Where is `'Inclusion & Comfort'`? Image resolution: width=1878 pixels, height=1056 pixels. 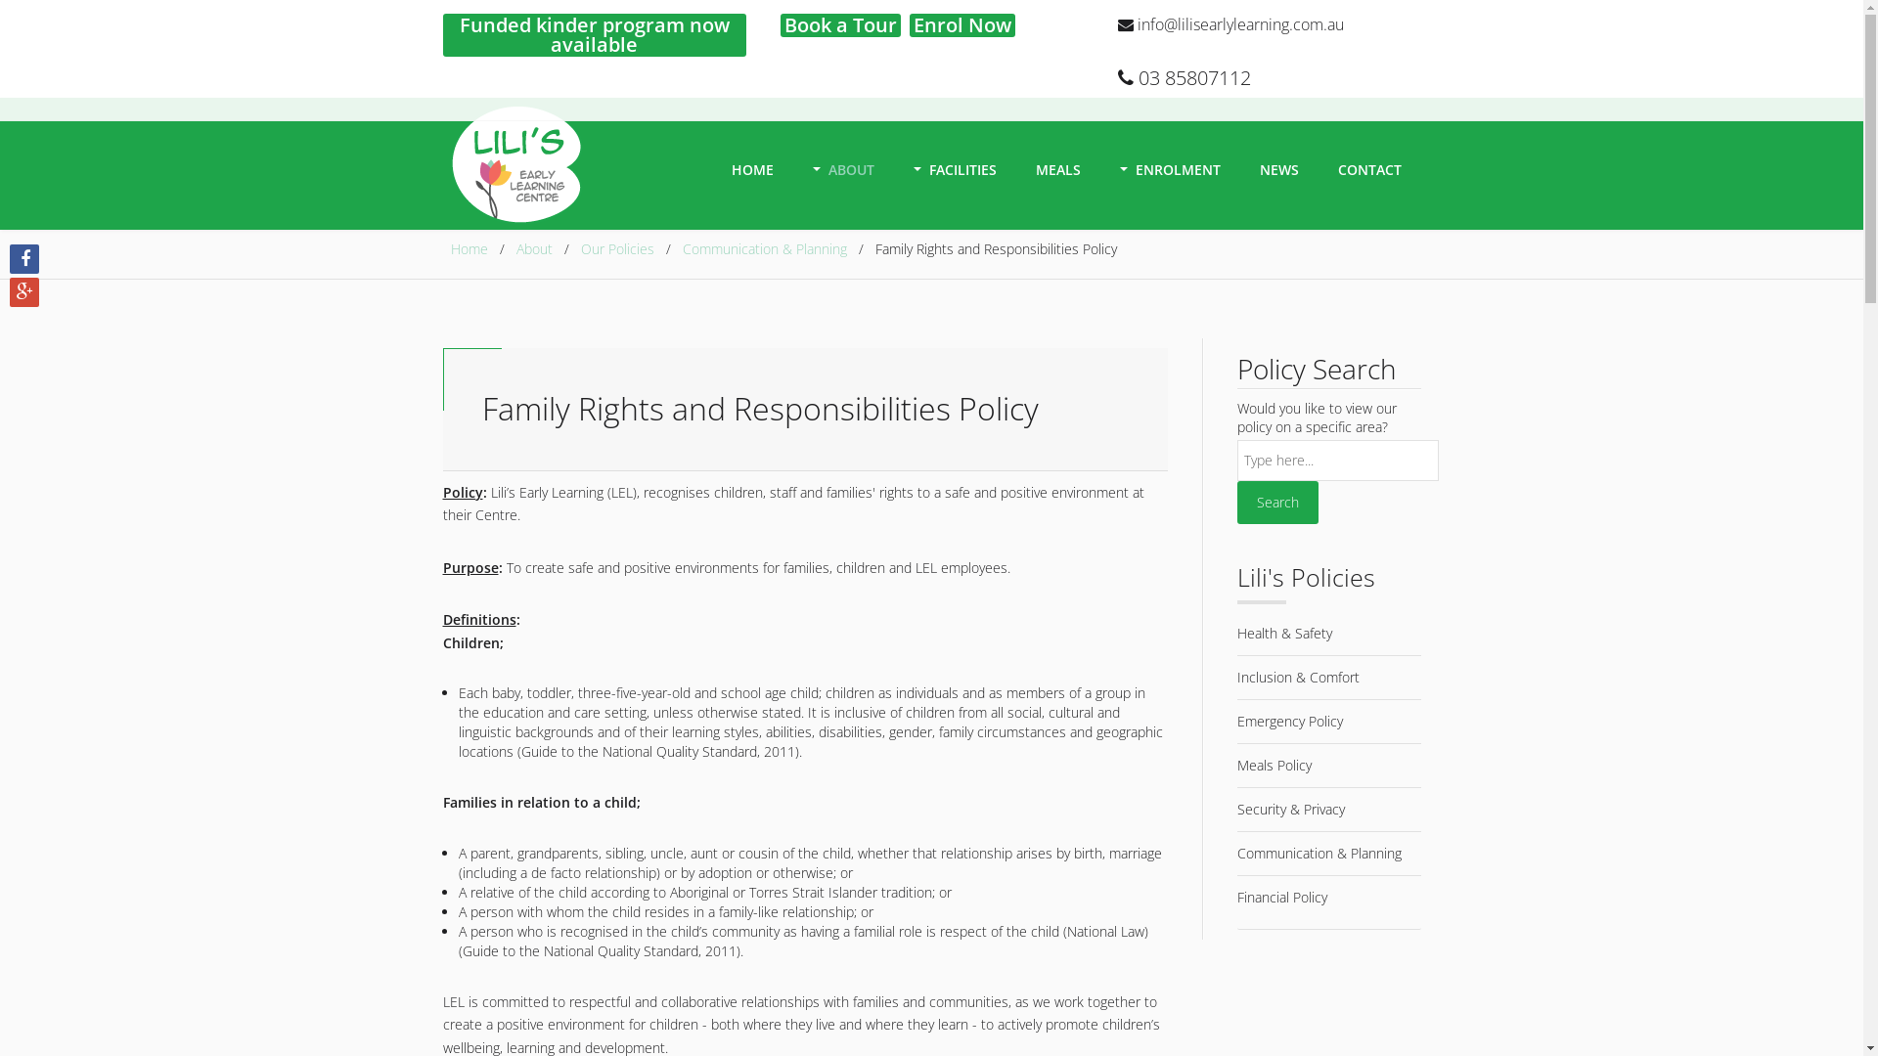 'Inclusion & Comfort' is located at coordinates (1236, 676).